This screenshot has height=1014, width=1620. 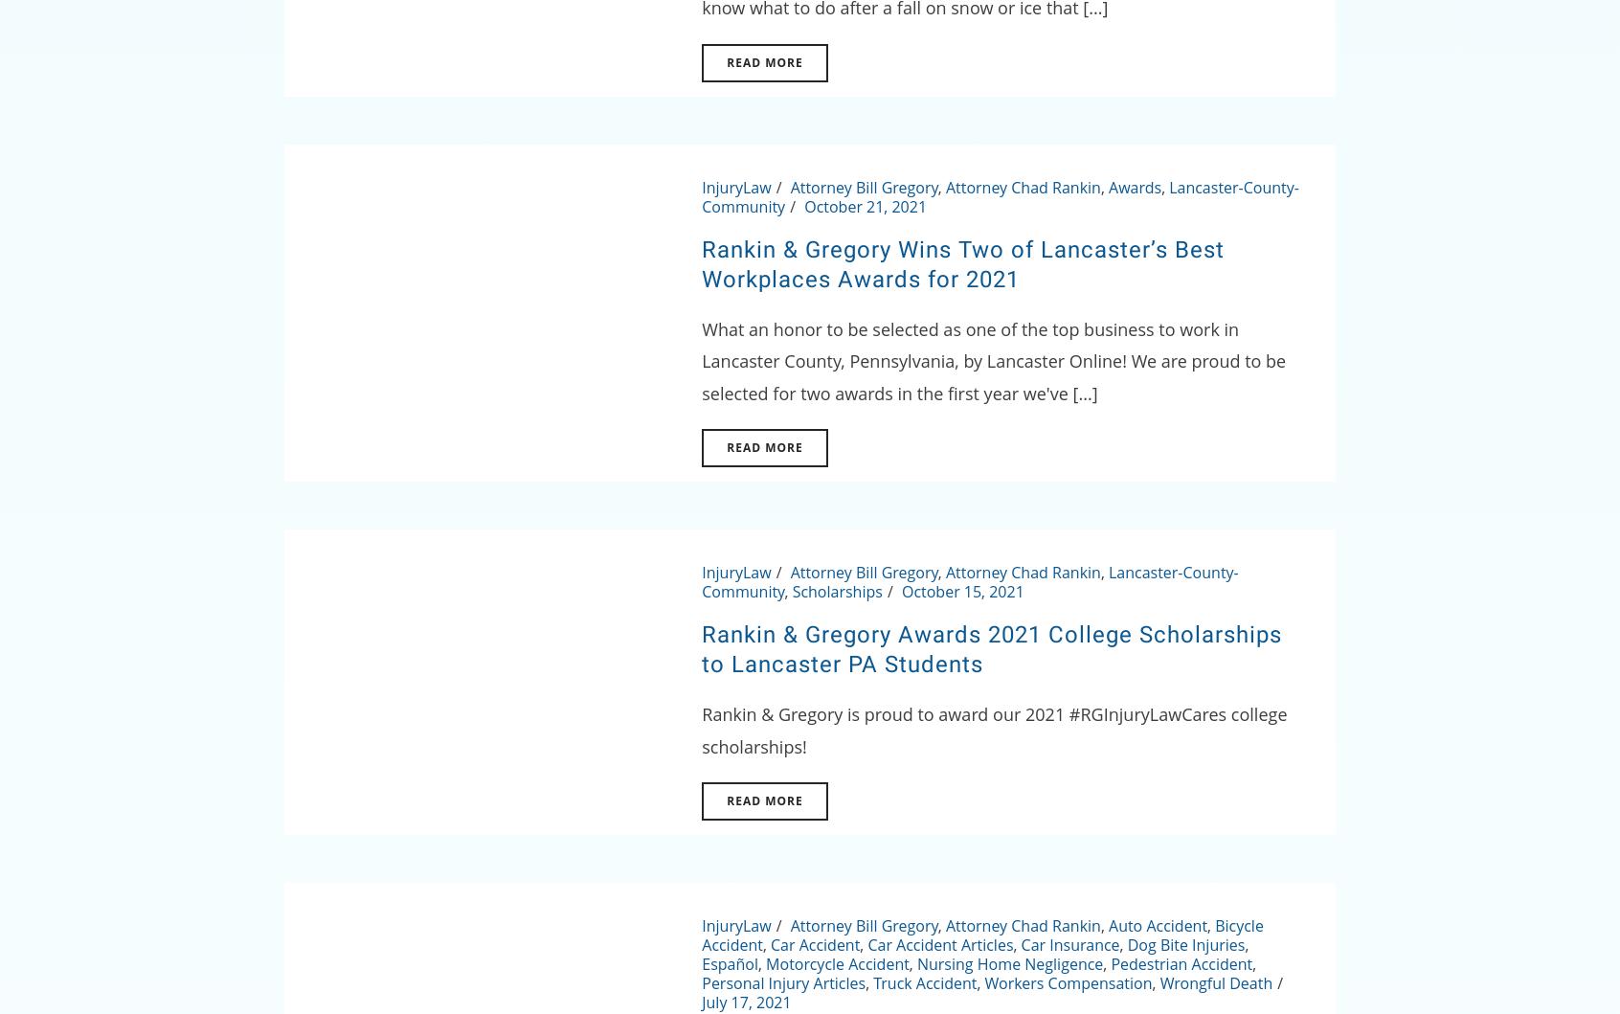 What do you see at coordinates (1185, 943) in the screenshot?
I see `'Dog Bite Injuries'` at bounding box center [1185, 943].